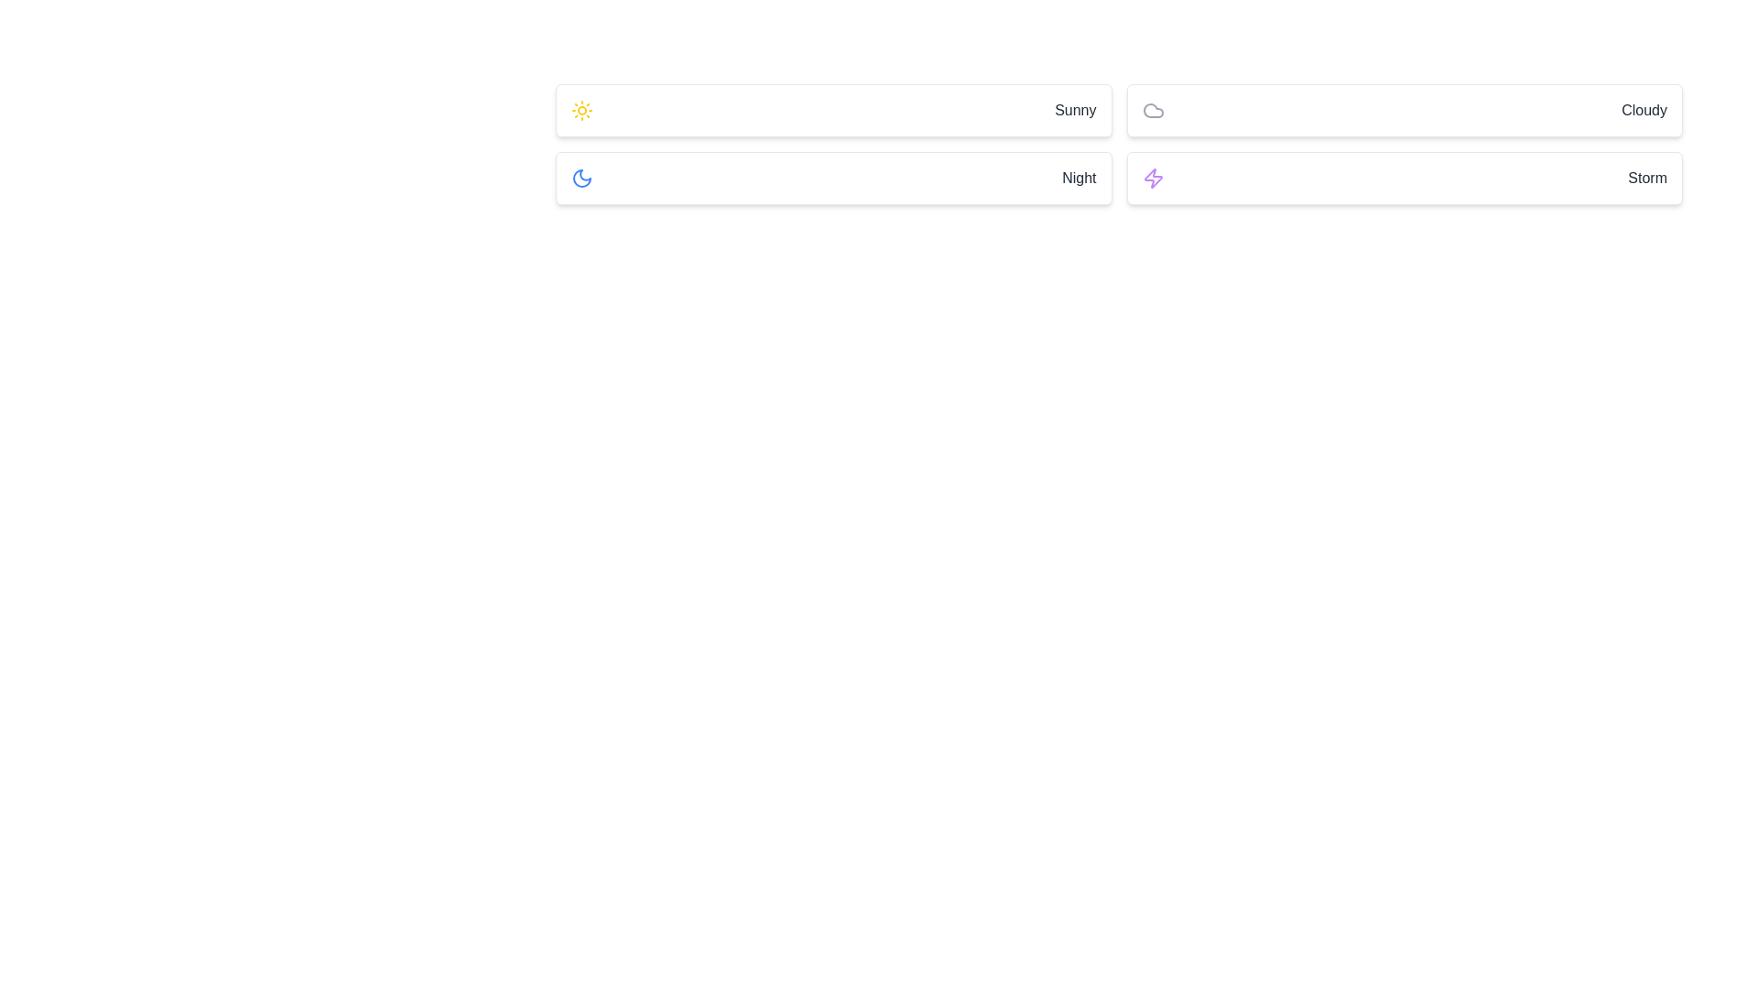 The image size is (1758, 989). What do you see at coordinates (1152, 179) in the screenshot?
I see `the storm icon located in the lower right section of the interface within the 'Storm' card` at bounding box center [1152, 179].